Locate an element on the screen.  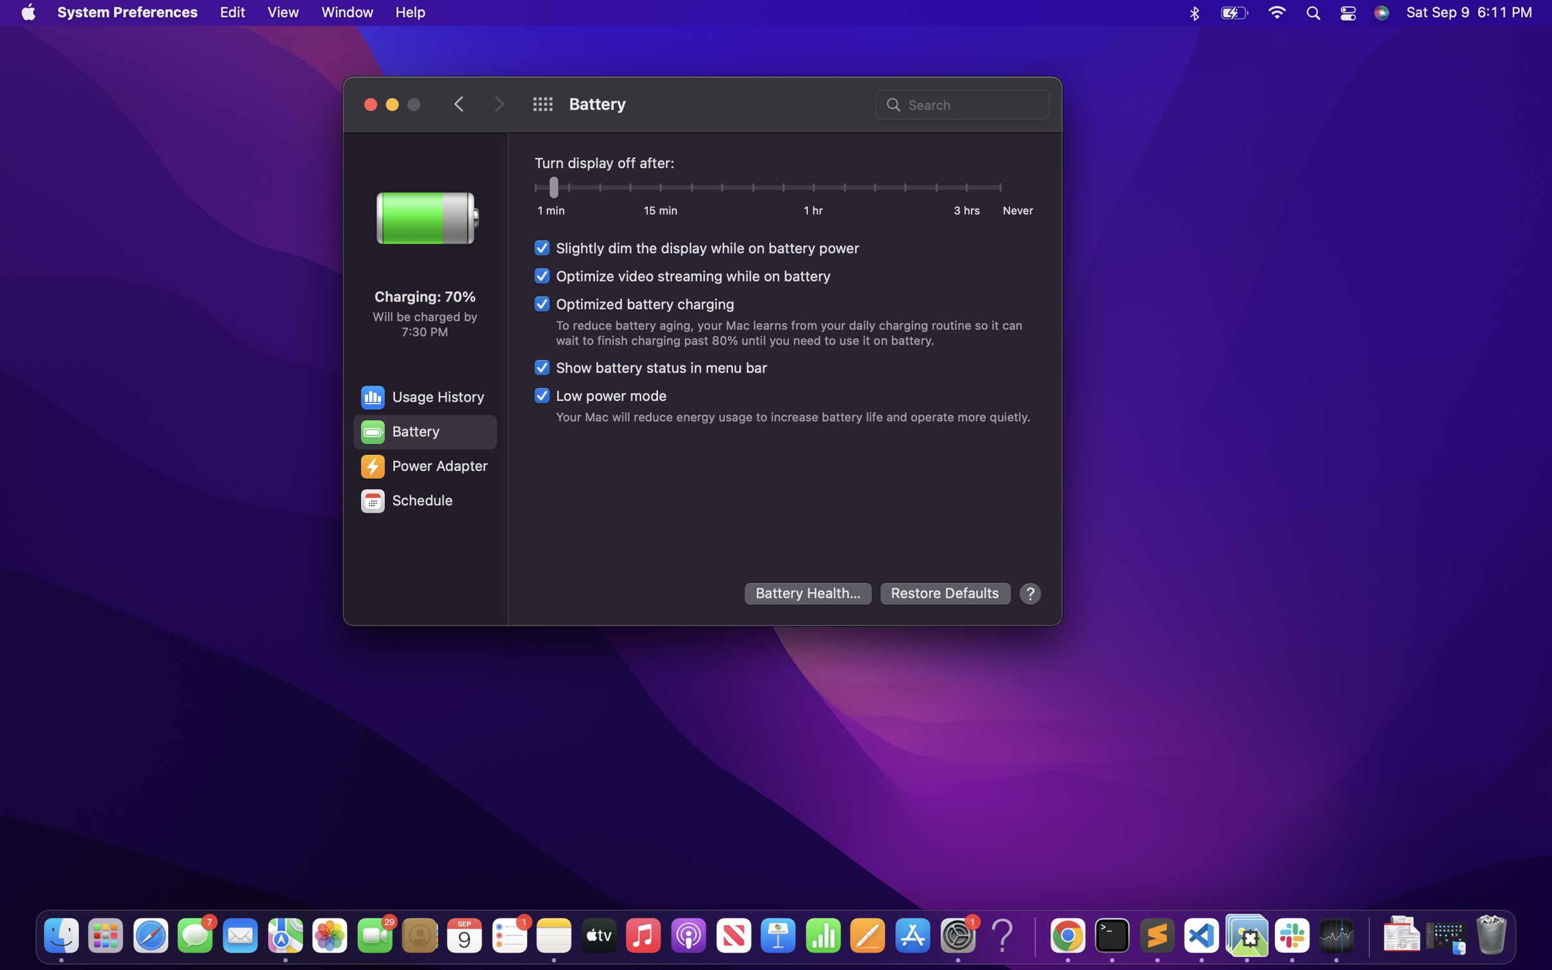
to never turn off the display after 1 hour is located at coordinates (814, 189).